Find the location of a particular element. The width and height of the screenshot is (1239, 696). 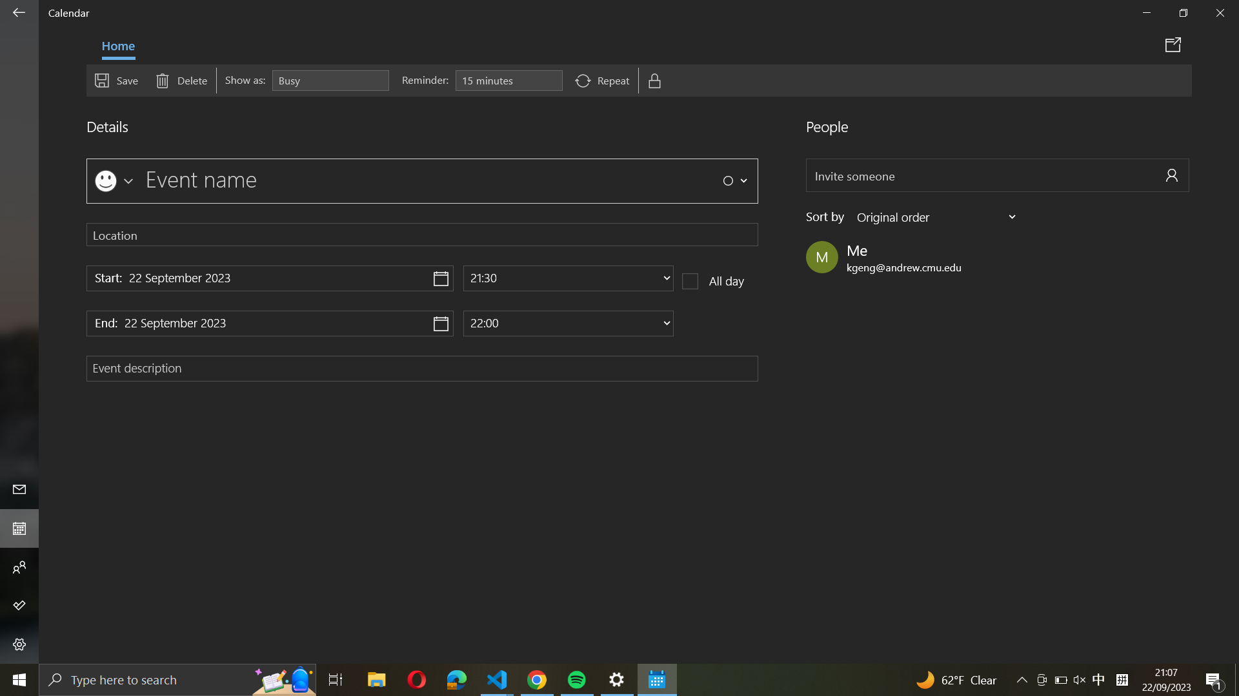

the kick-off date to "22 December 2020 is located at coordinates (269, 278).